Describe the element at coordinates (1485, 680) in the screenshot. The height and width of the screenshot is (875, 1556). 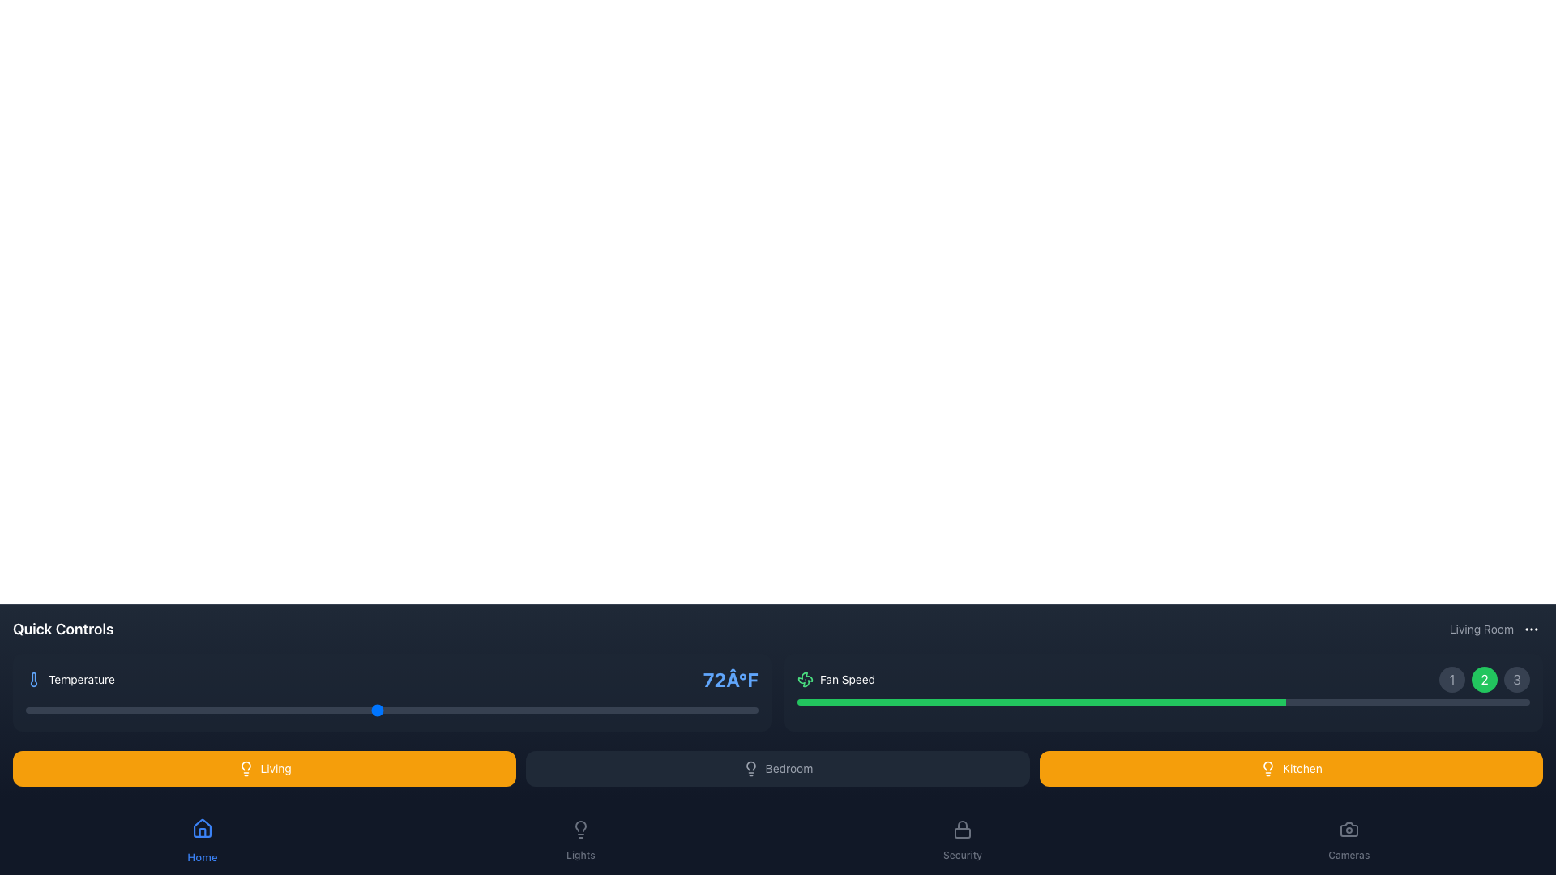
I see `the small circular button with a green background and white text '2'` at that location.